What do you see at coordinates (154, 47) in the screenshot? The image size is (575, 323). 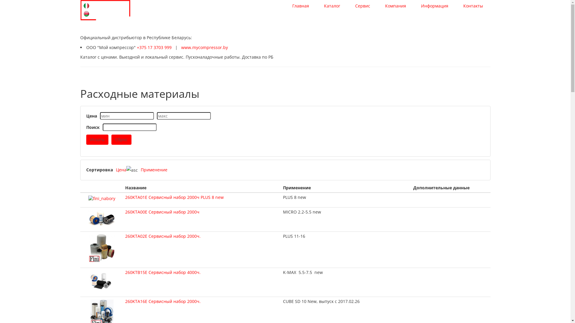 I see `'+375 17 3703 999'` at bounding box center [154, 47].